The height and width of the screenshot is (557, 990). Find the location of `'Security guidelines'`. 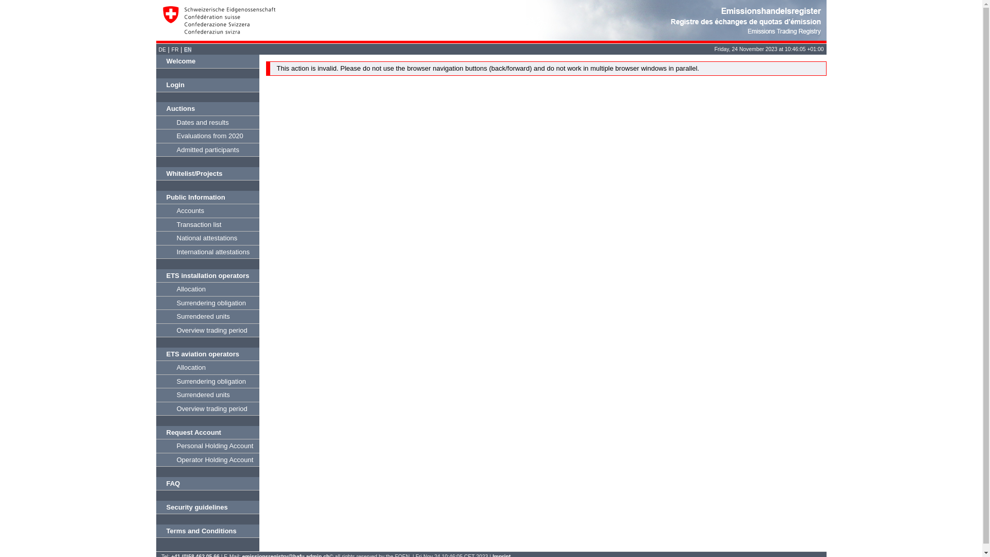

'Security guidelines' is located at coordinates (207, 506).